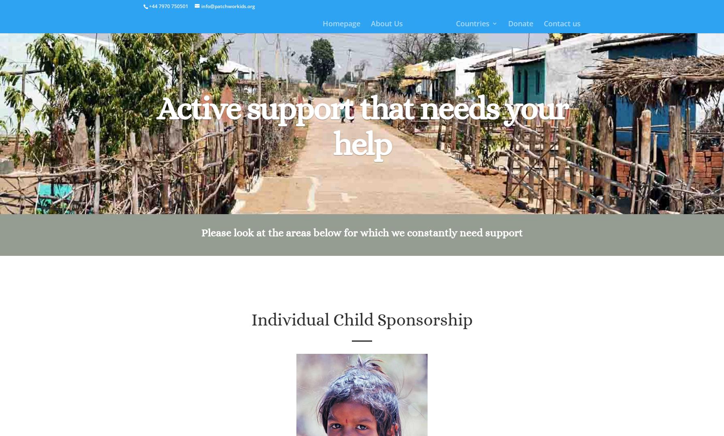 This screenshot has width=724, height=436. Describe the element at coordinates (471, 81) in the screenshot. I see `'Uganda'` at that location.